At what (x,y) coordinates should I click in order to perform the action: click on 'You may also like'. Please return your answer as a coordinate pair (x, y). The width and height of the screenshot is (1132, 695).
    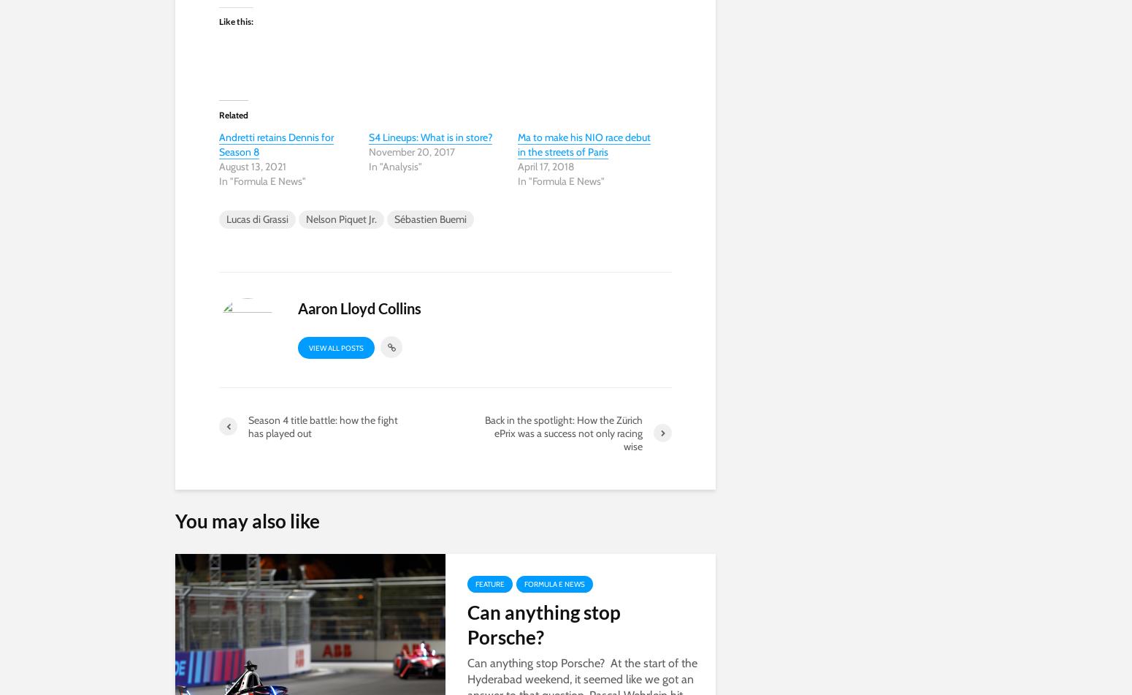
    Looking at the image, I should click on (246, 520).